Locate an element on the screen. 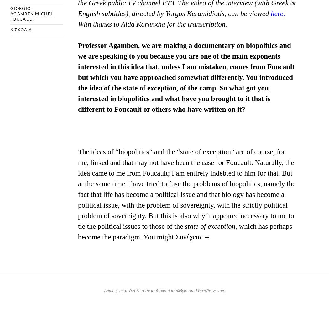 Image resolution: width=329 pixels, height=313 pixels. 'Giorgio Agamben' is located at coordinates (22, 11).